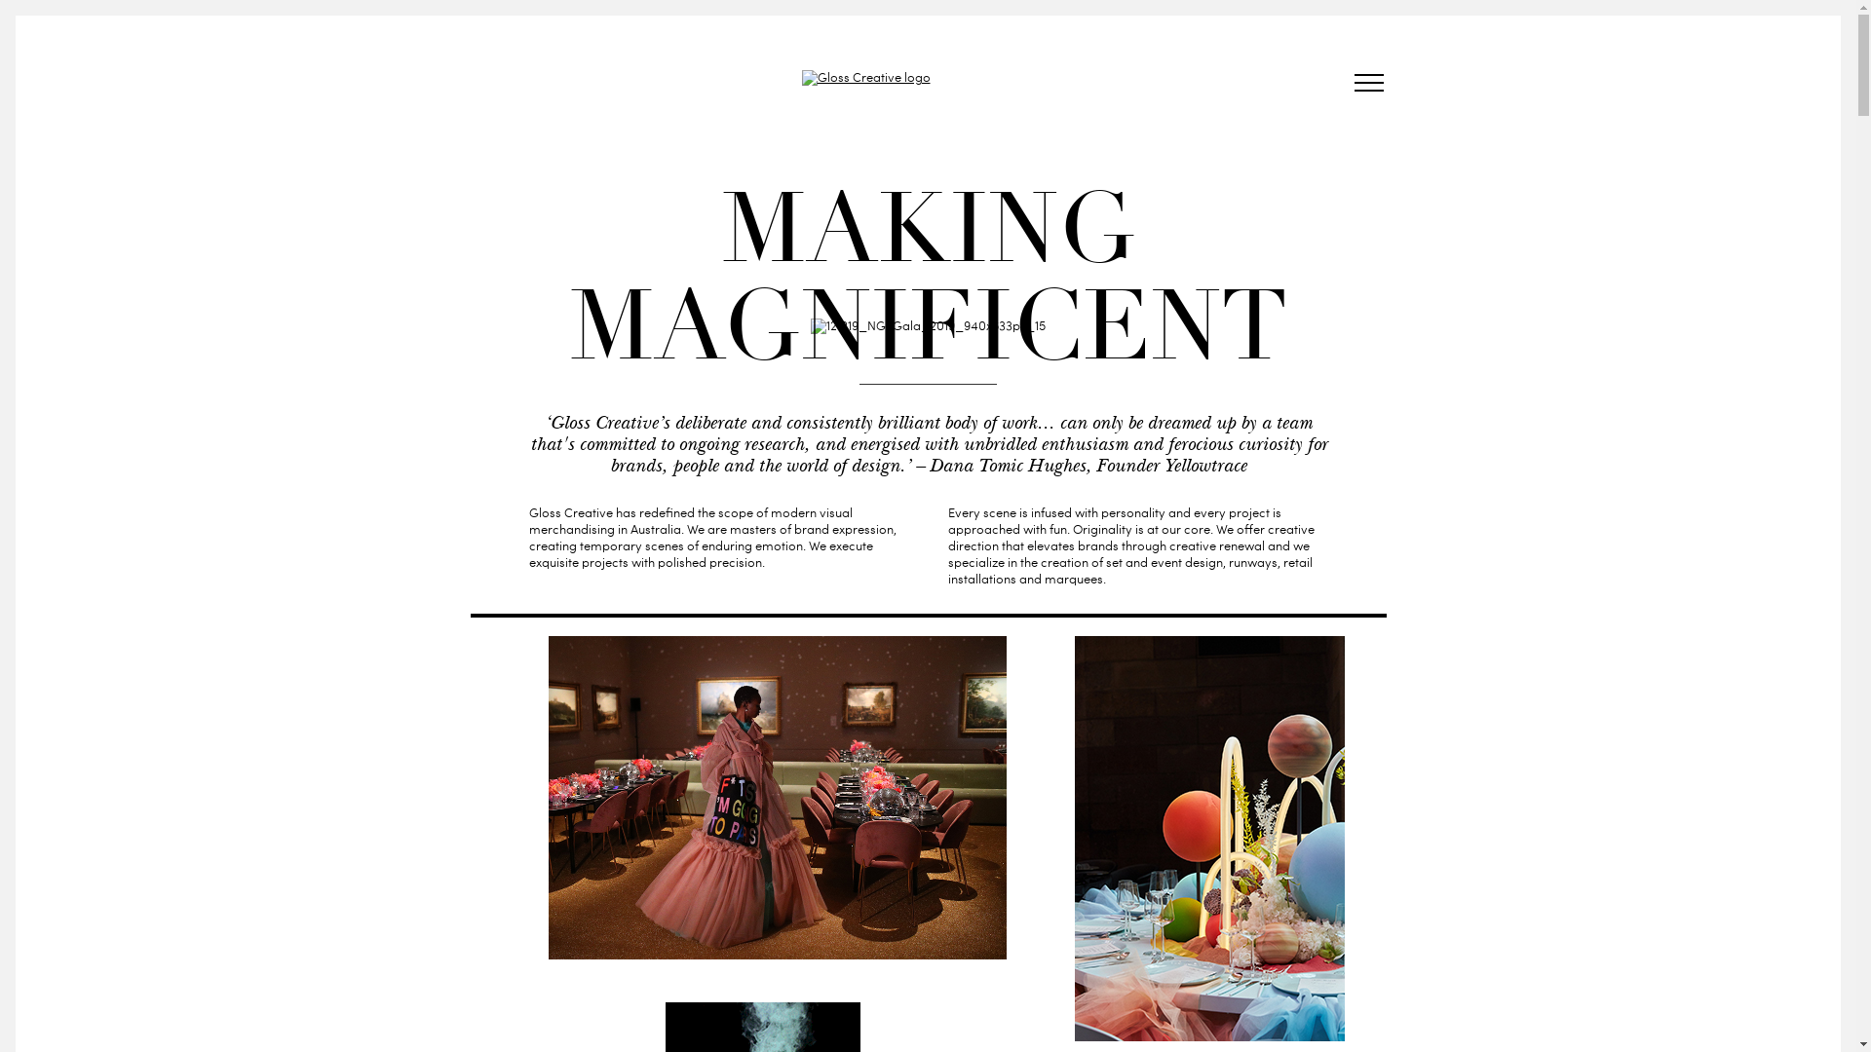 Image resolution: width=1871 pixels, height=1052 pixels. I want to click on 'Menu', so click(1346, 85).